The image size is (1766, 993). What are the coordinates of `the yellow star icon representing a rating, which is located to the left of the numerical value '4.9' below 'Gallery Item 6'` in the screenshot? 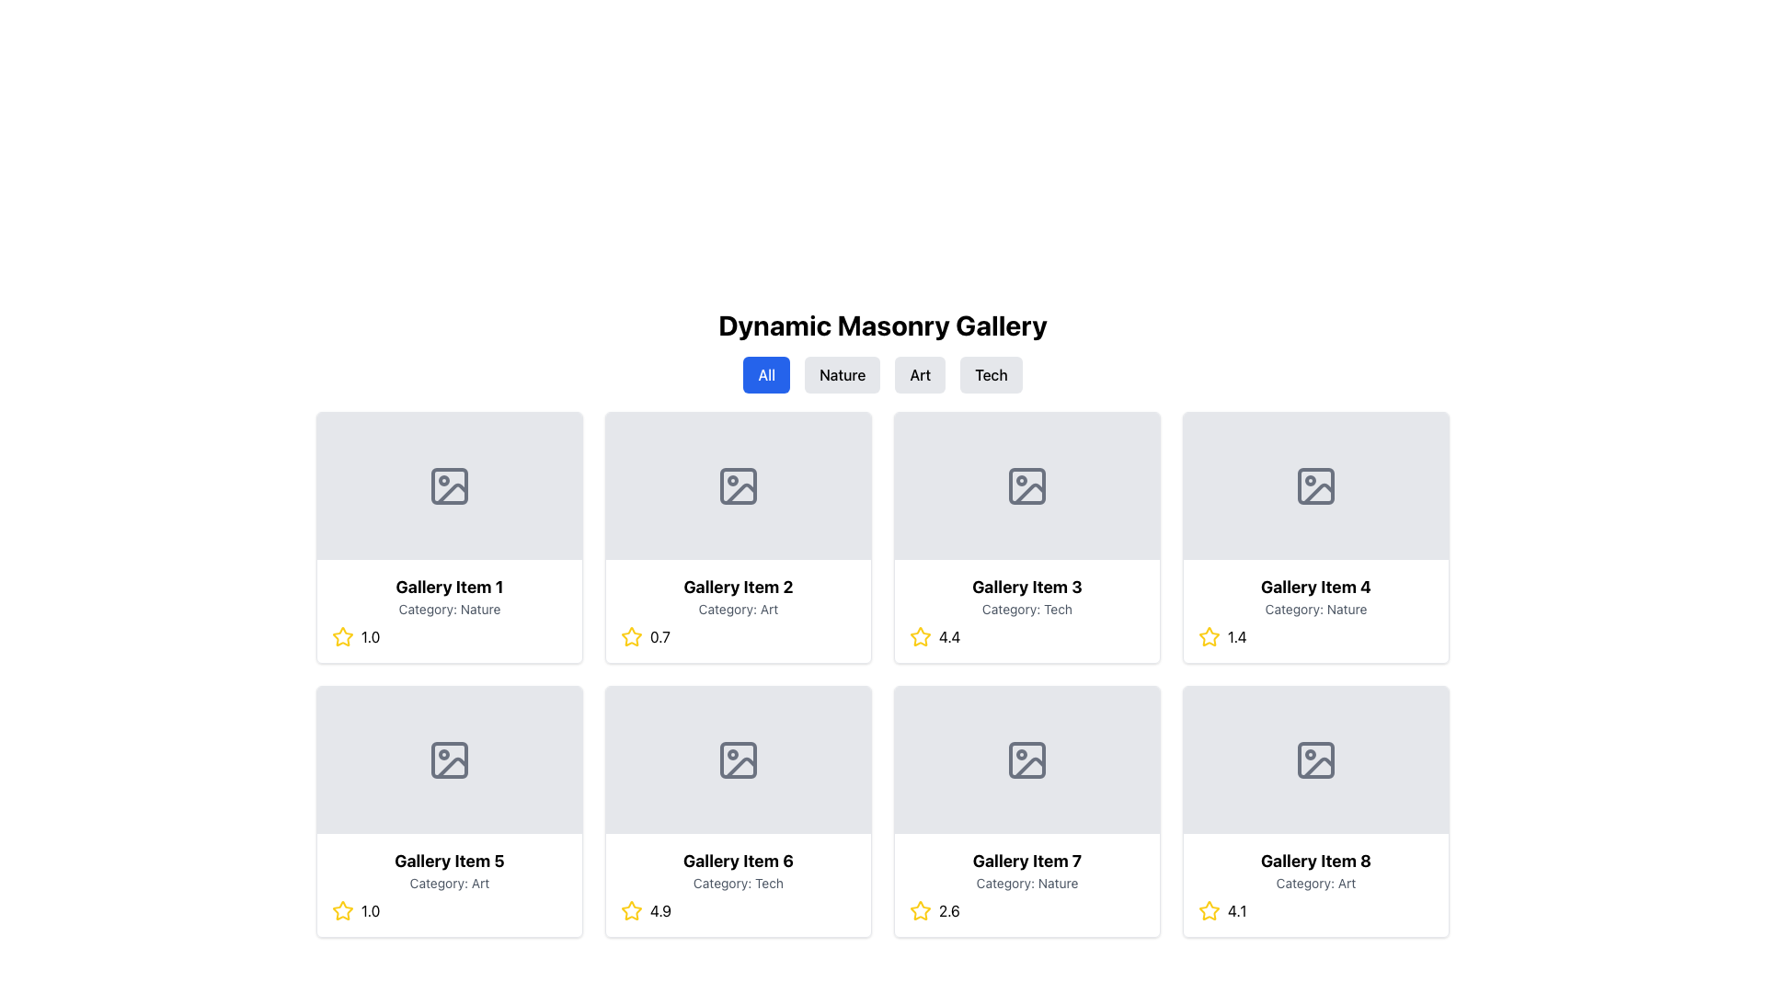 It's located at (631, 911).